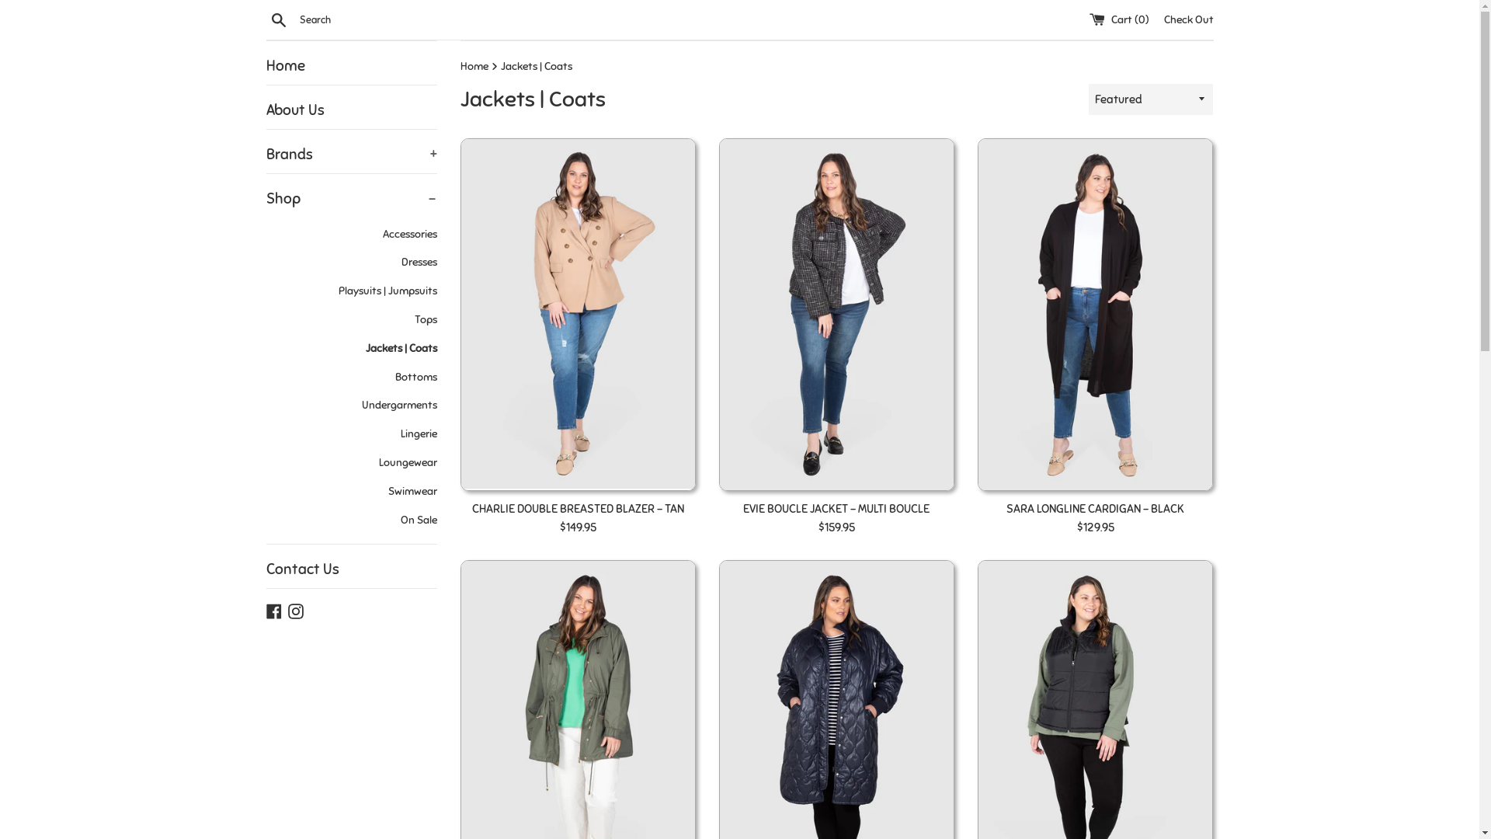 The image size is (1491, 839). I want to click on 'Search', so click(278, 19).